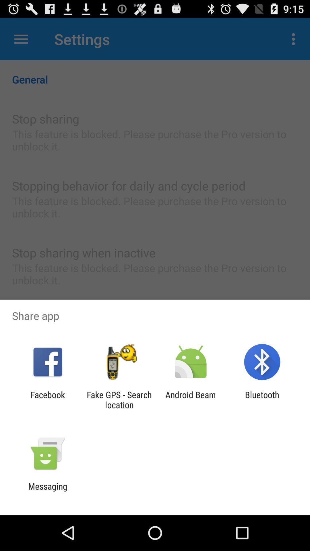 The width and height of the screenshot is (310, 551). Describe the element at coordinates (262, 399) in the screenshot. I see `app at the bottom right corner` at that location.